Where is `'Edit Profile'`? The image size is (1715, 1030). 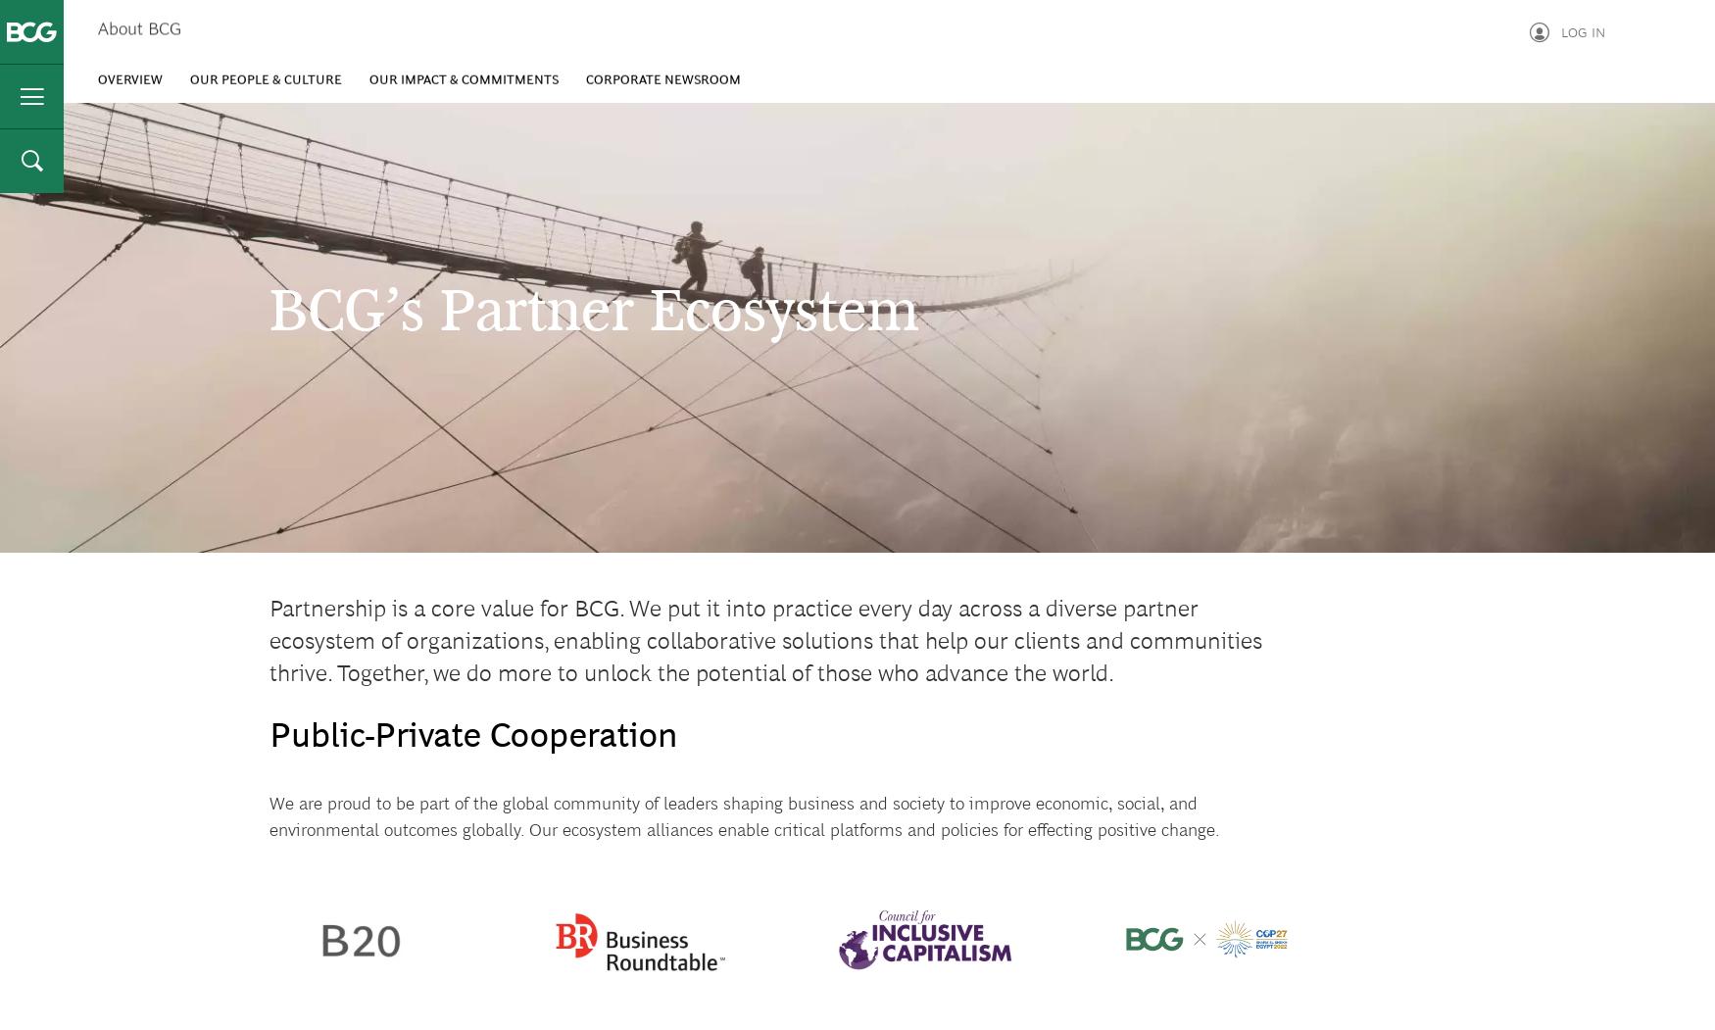 'Edit Profile' is located at coordinates (1461, 141).